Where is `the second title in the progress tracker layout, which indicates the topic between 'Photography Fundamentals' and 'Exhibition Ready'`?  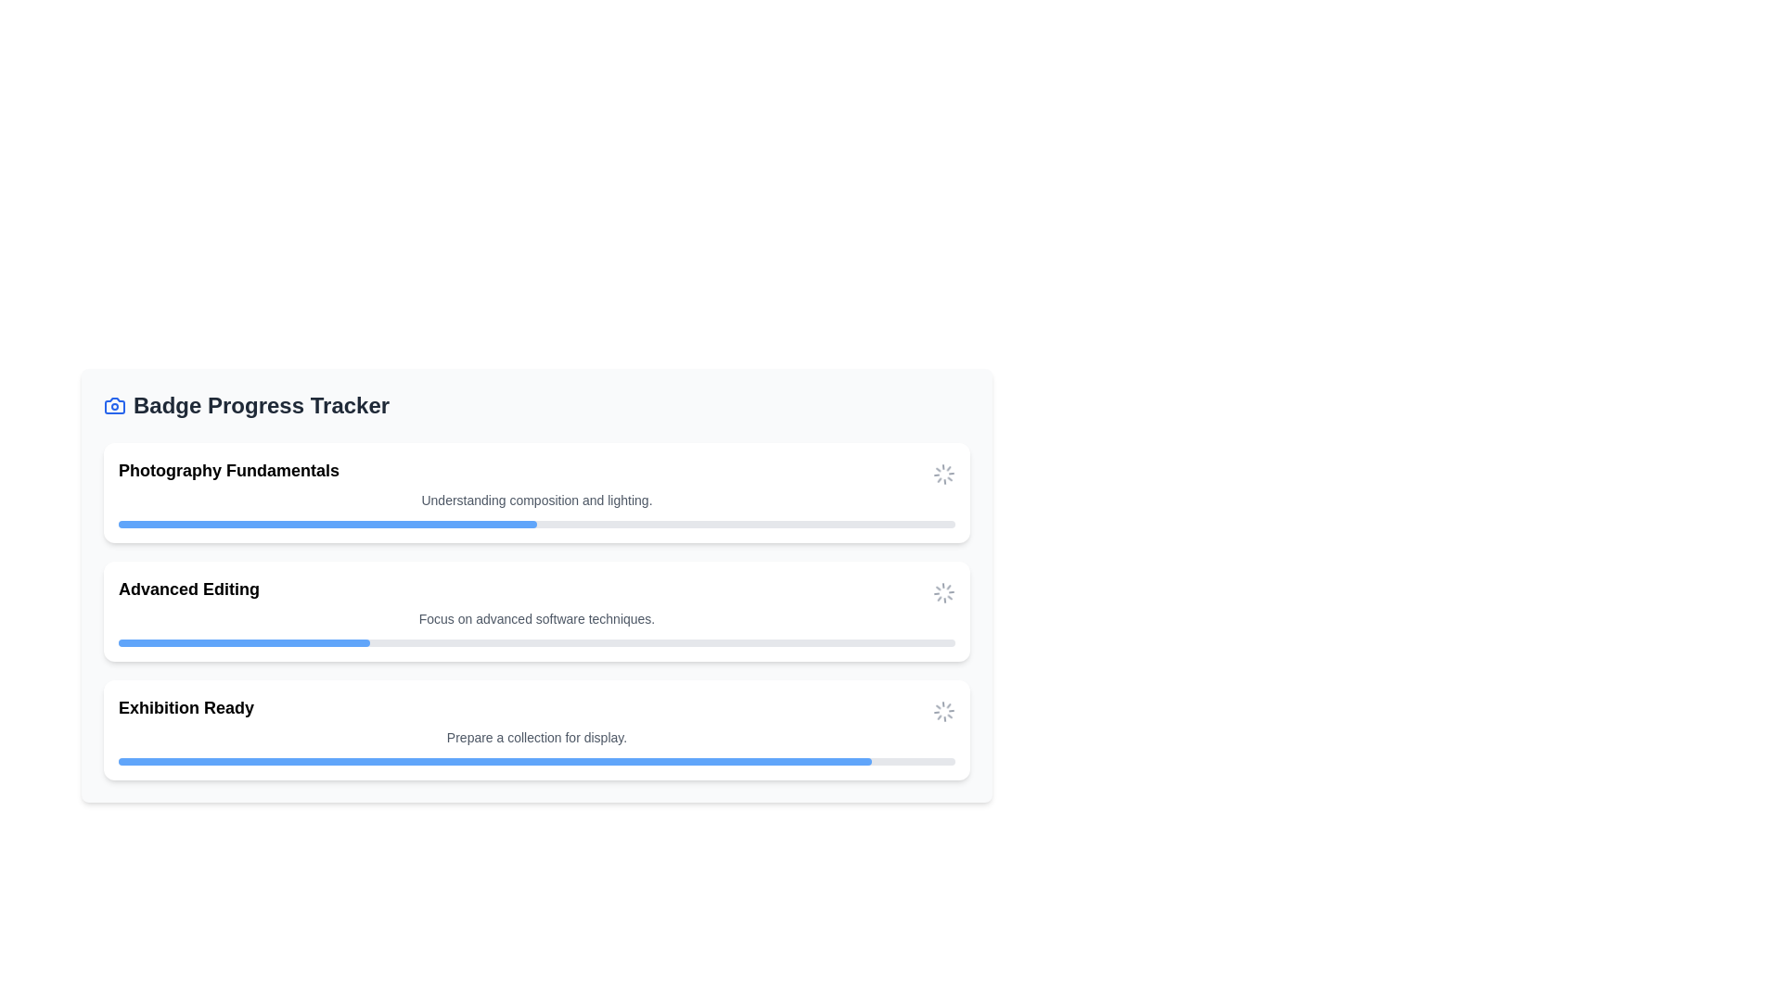
the second title in the progress tracker layout, which indicates the topic between 'Photography Fundamentals' and 'Exhibition Ready' is located at coordinates (189, 589).